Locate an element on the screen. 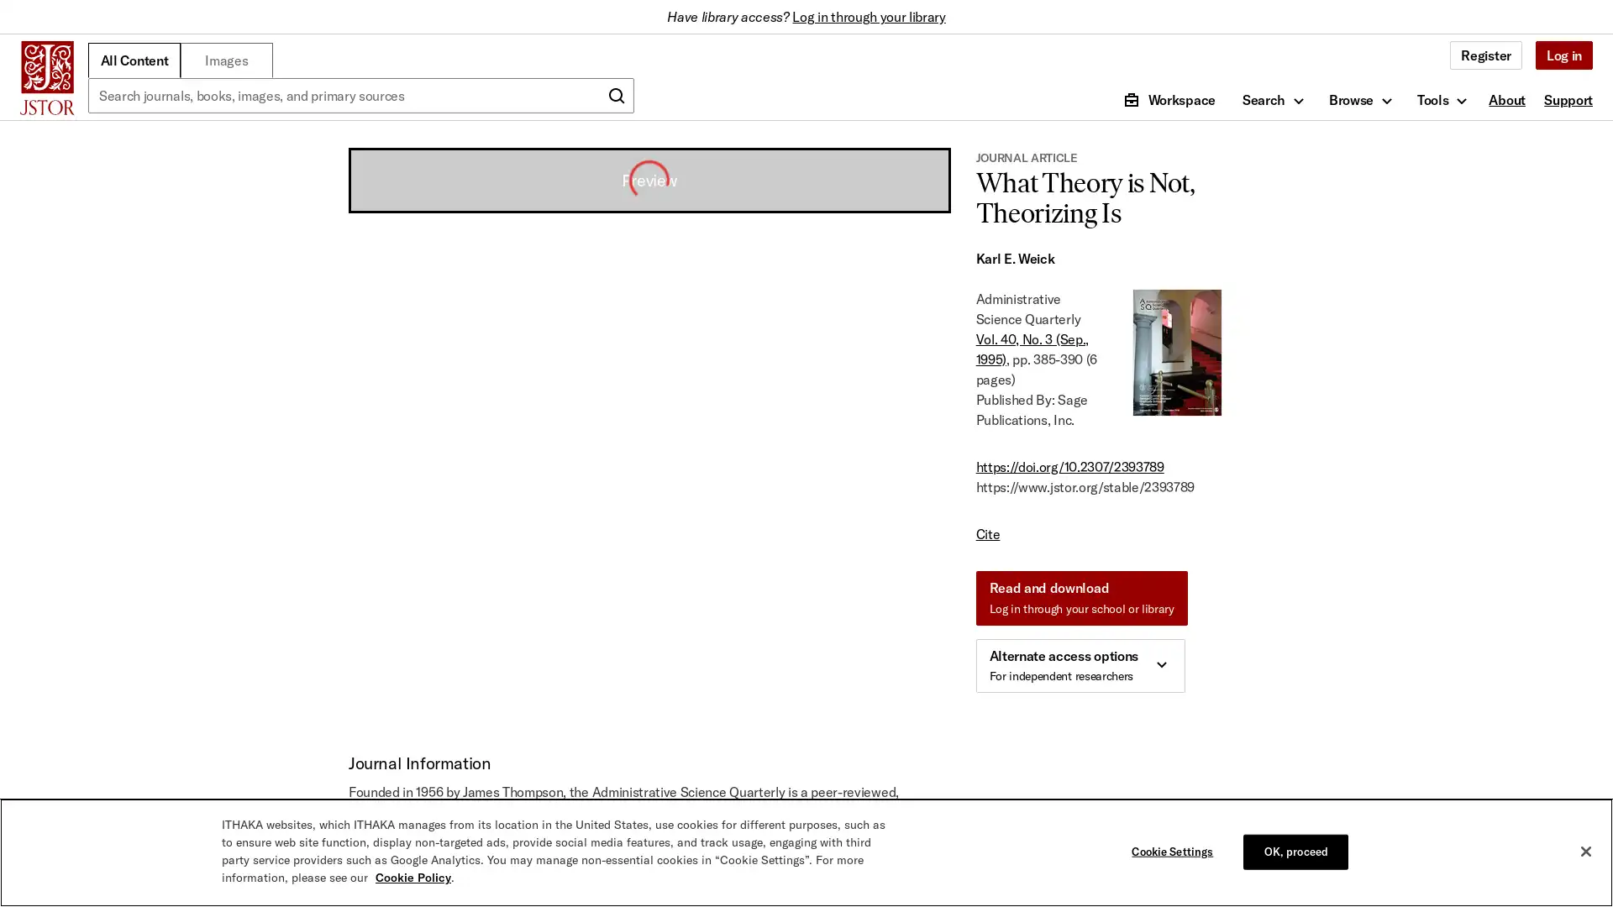 This screenshot has height=907, width=1613. OK, proceed is located at coordinates (1295, 852).